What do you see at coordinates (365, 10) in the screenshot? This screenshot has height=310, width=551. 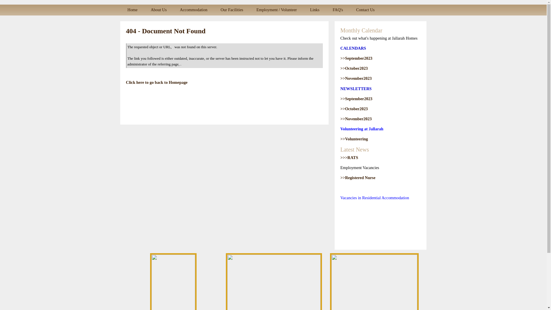 I see `'Contact Us'` at bounding box center [365, 10].